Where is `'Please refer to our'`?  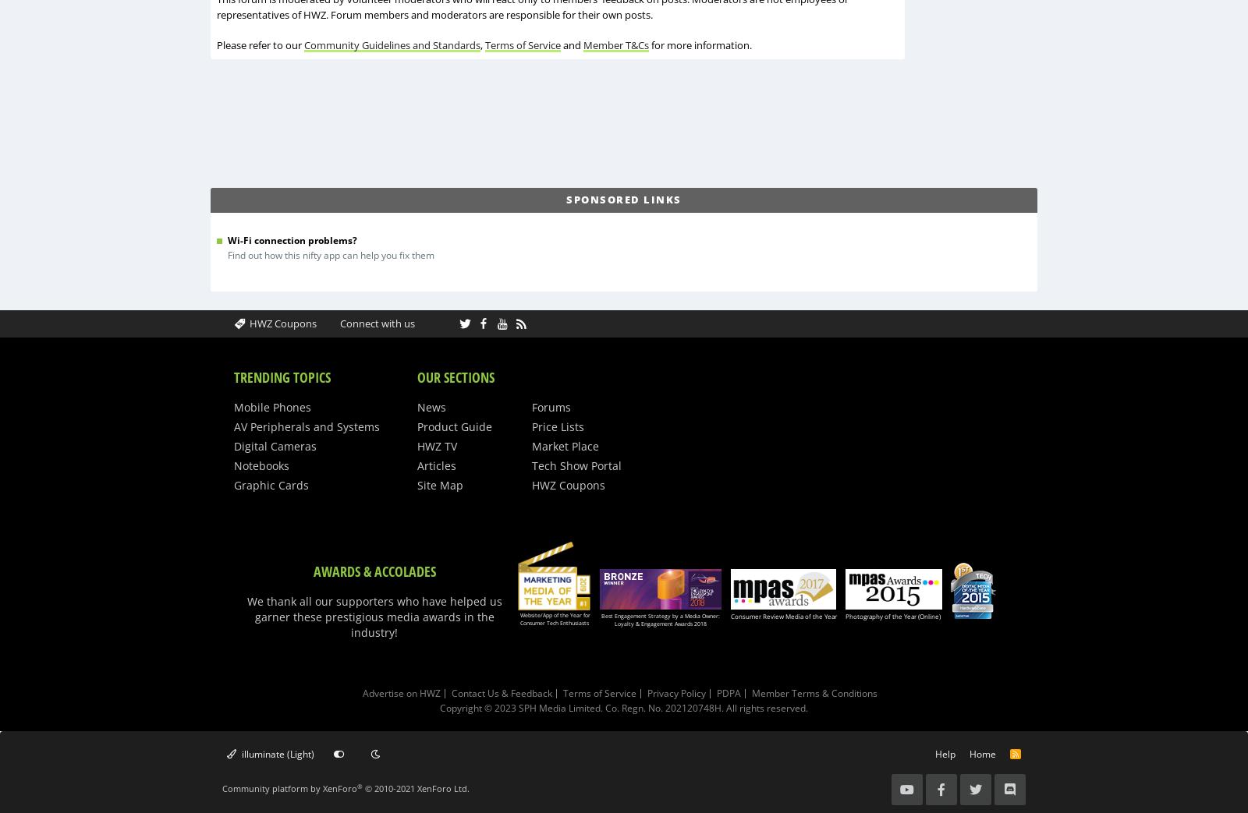
'Please refer to our' is located at coordinates (216, 44).